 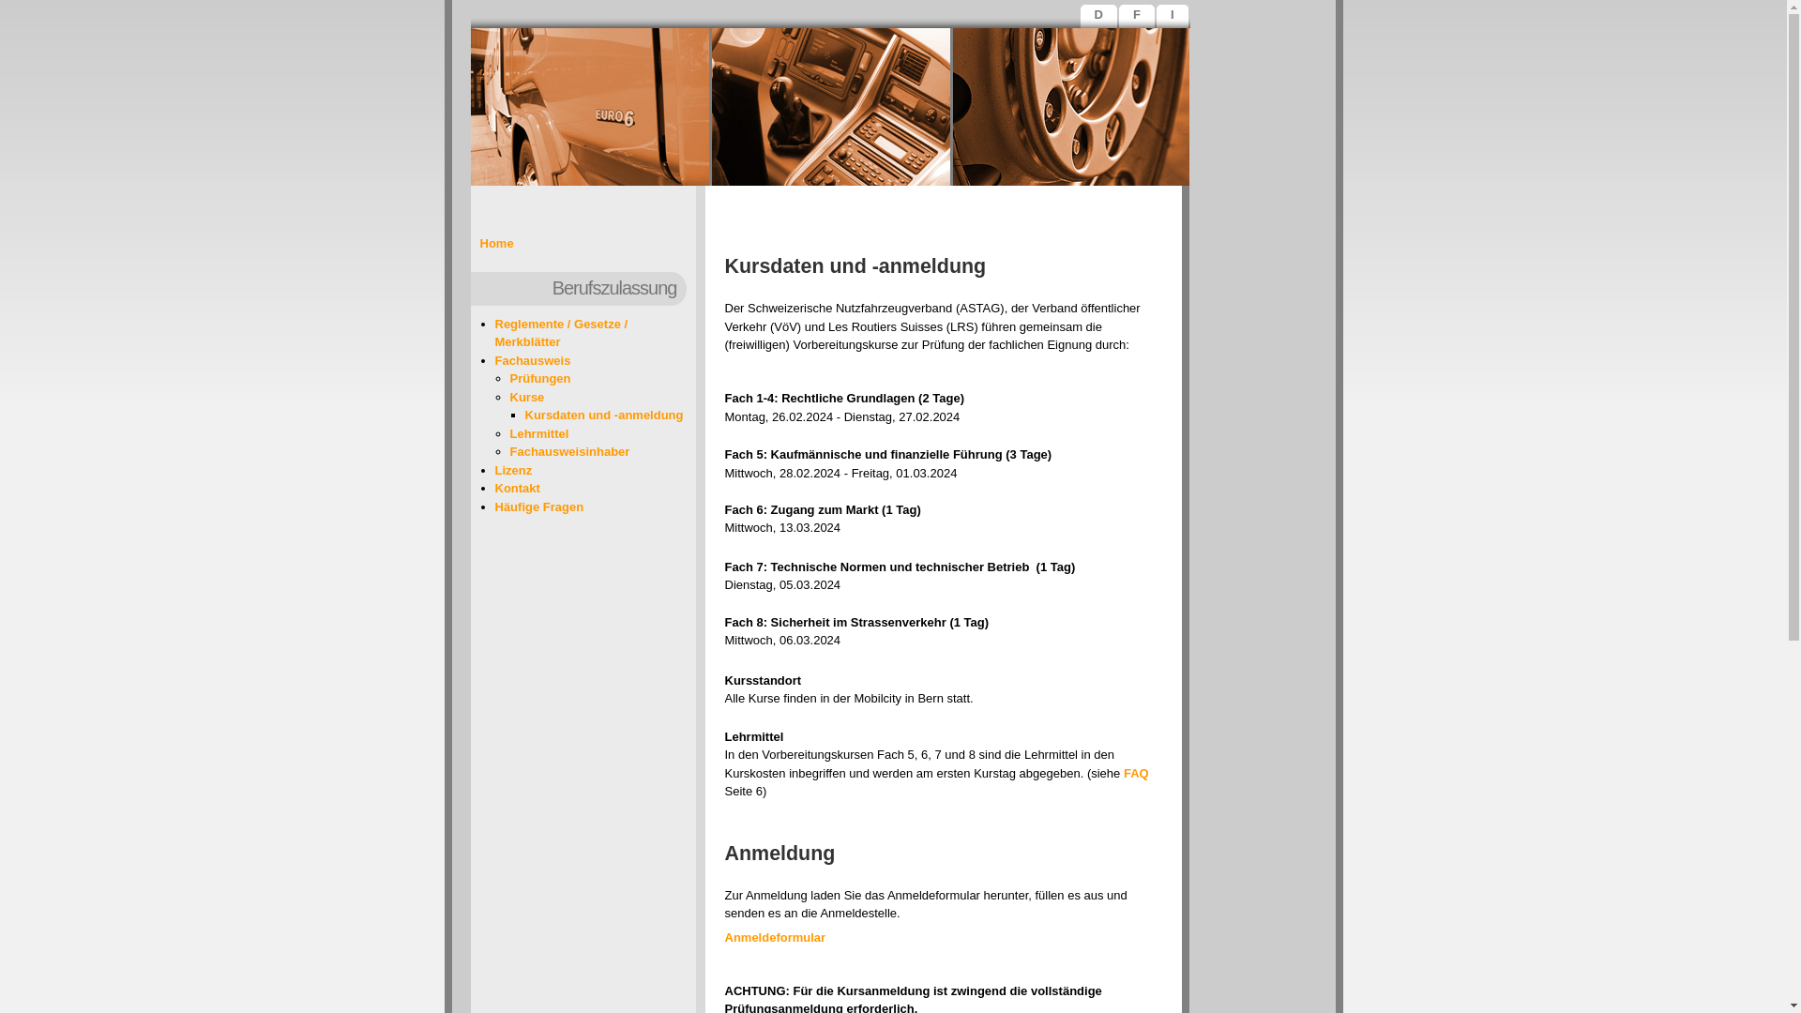 I want to click on 'Home', so click(x=496, y=242).